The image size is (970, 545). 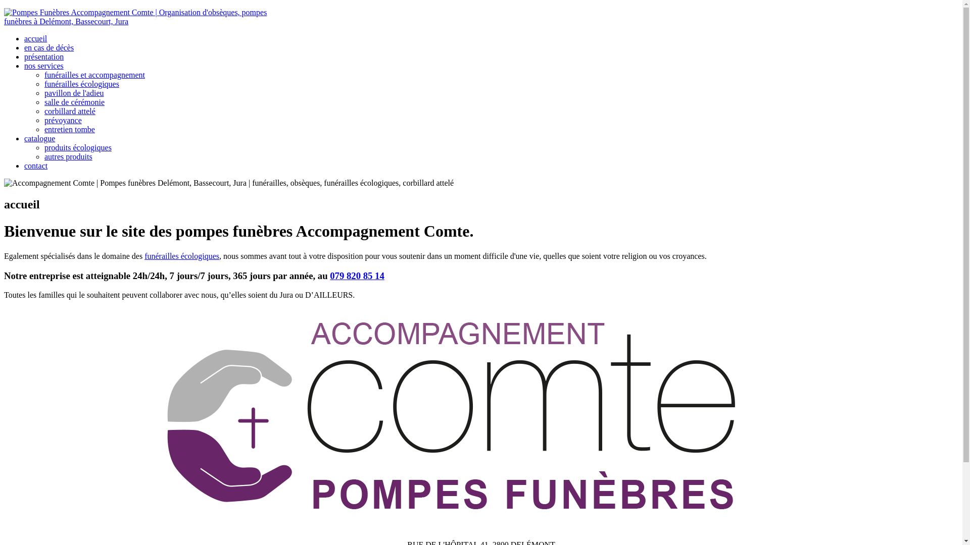 I want to click on 'catalogue', so click(x=39, y=138).